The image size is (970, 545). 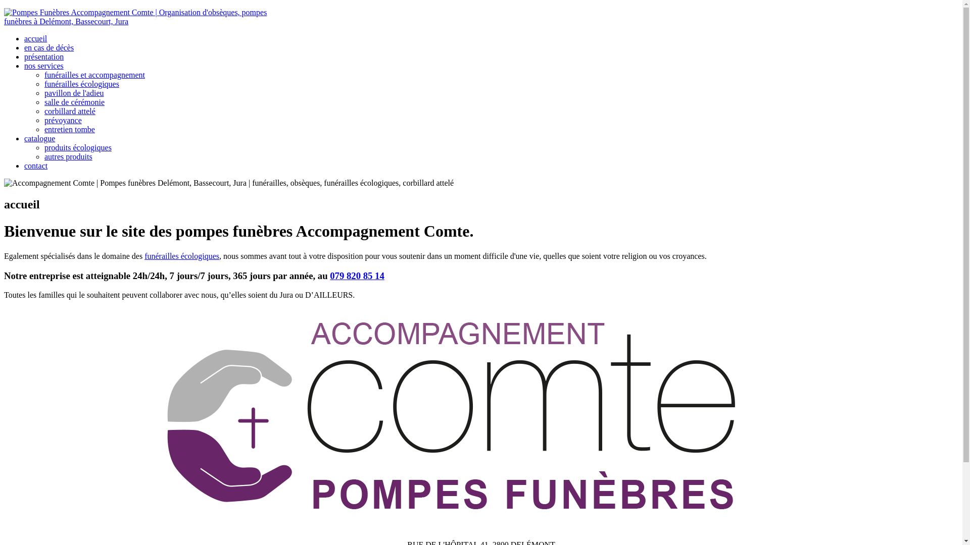 I want to click on 'catalogue', so click(x=39, y=138).